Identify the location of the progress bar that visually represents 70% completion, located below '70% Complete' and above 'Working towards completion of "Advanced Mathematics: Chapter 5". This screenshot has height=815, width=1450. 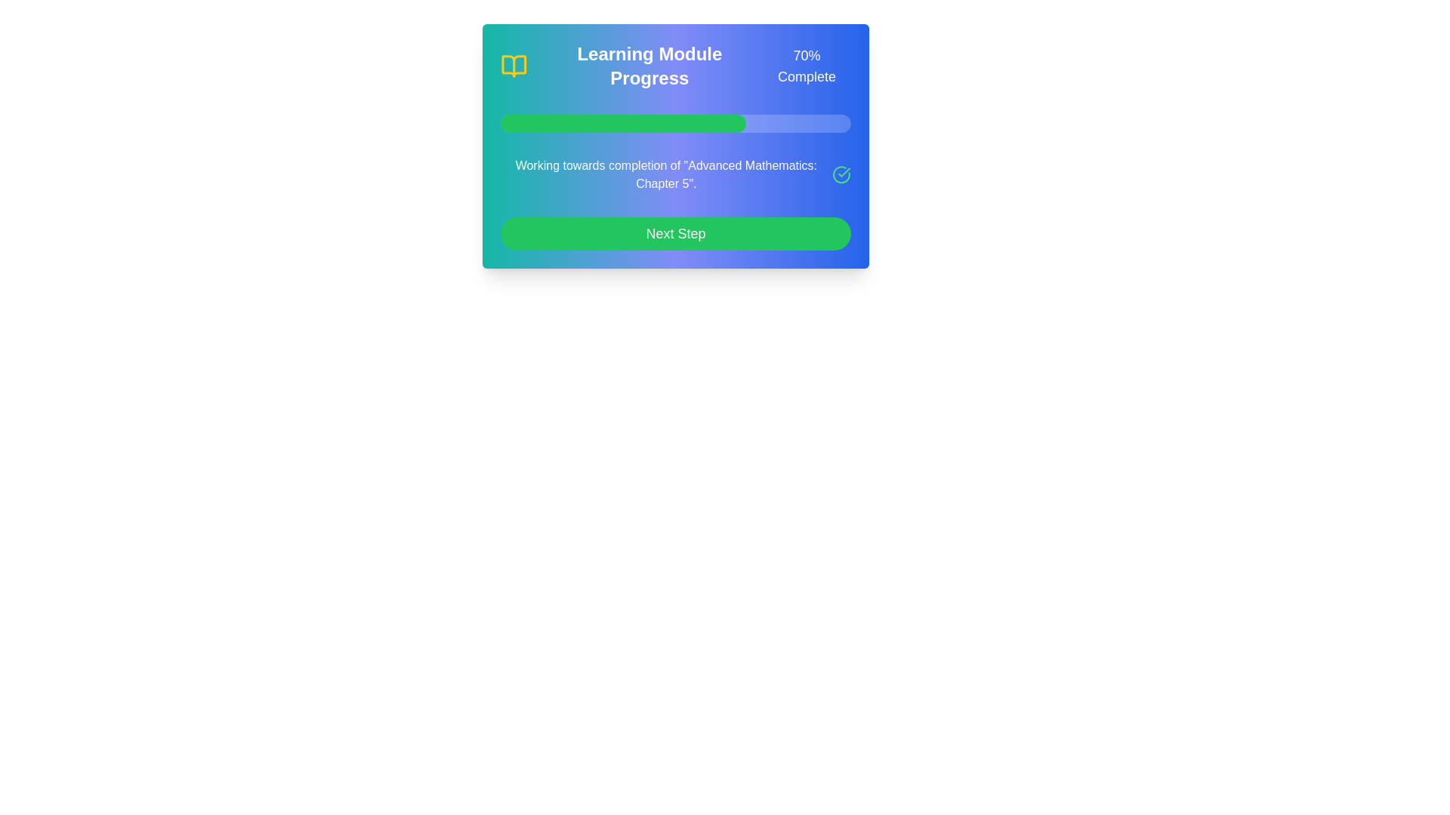
(674, 123).